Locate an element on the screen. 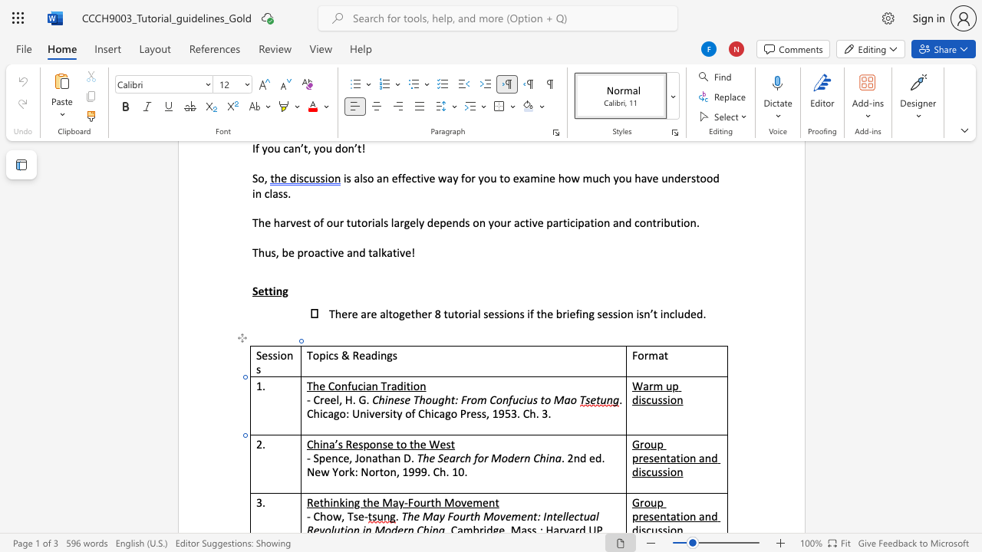 The width and height of the screenshot is (982, 552). the 1th character "c" in the text is located at coordinates (330, 355).